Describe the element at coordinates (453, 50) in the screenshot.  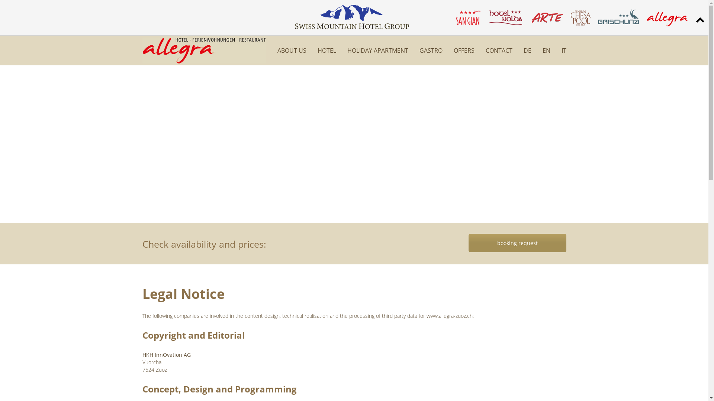
I see `'OFFERS'` at that location.